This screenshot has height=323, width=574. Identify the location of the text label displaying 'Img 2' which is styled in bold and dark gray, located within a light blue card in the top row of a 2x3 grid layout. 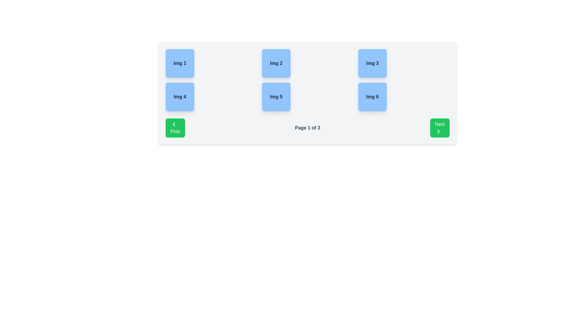
(276, 63).